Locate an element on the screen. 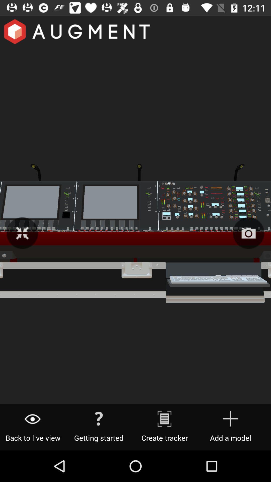 Image resolution: width=271 pixels, height=482 pixels. the camera is located at coordinates (248, 233).